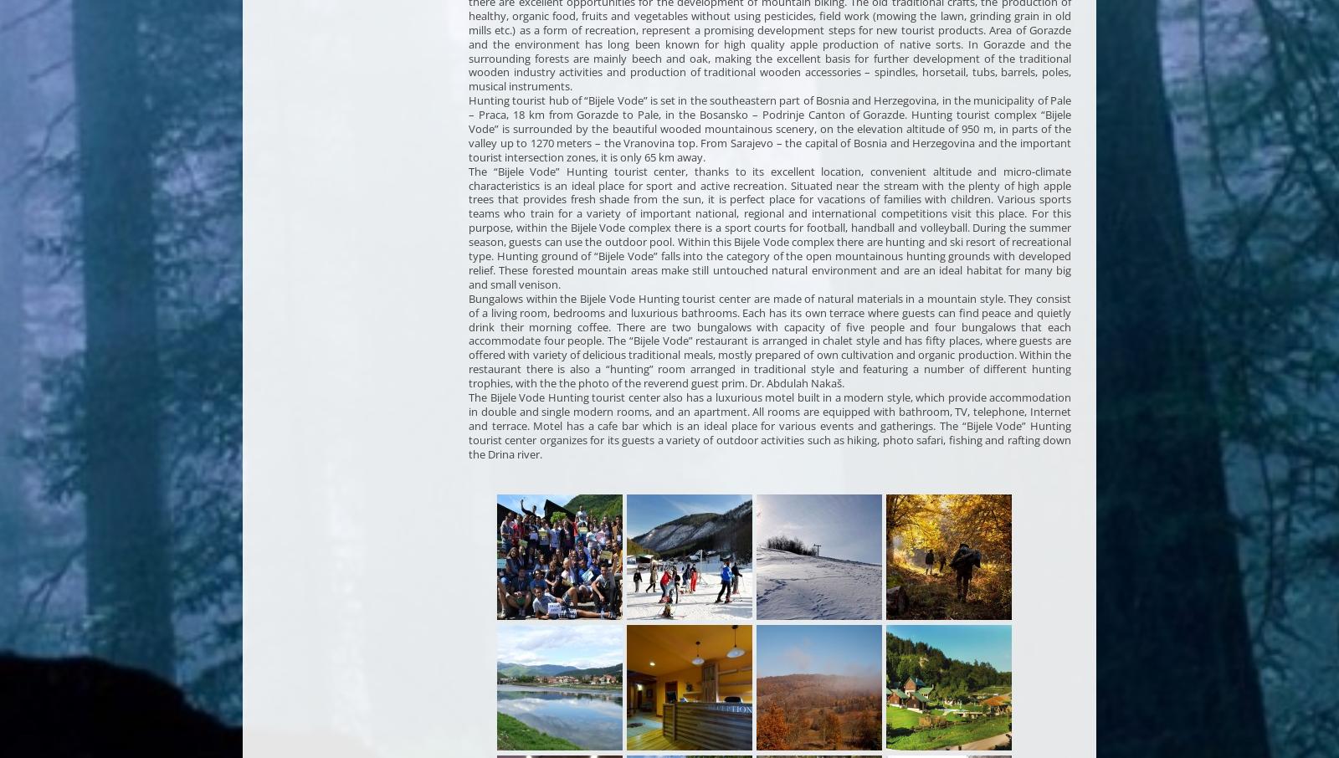 This screenshot has height=758, width=1339. What do you see at coordinates (468, 128) in the screenshot?
I see `'Hunting tourist hub of “Bijele Vode” is set in the southeastern part of Bosnia and Herzegovina, in the municipality of Pale – Praca, 18 km from Gorazde to Pale, in the Bosansko – Podrinje Canton of Gorazde. Hunting tourist complex “Bijele Vode” is surrounded by the beautiful wooded mountainous scenery, on the elevation altitude of 950 m, in parts of the valley up to 1270 meters – the Vranovina top. From Sarajevo – the capital of Bosnia and Herzegovina and the important tourist intersection zones, it is only 65 km away.'` at bounding box center [468, 128].